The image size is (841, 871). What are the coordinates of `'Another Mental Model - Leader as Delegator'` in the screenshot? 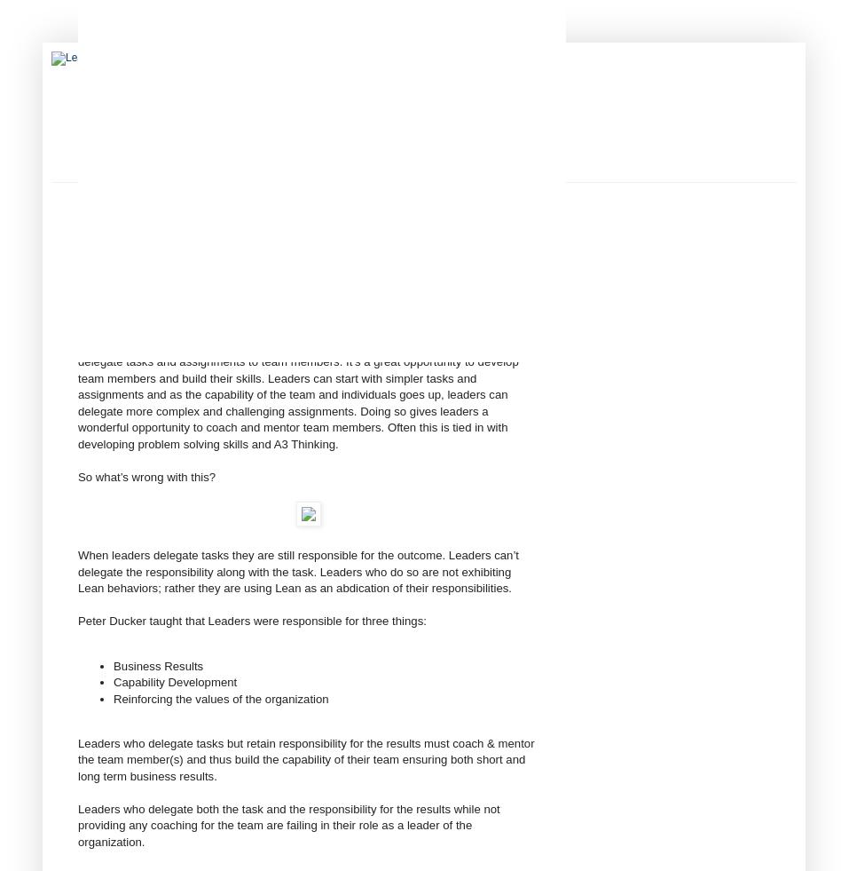 It's located at (270, 244).